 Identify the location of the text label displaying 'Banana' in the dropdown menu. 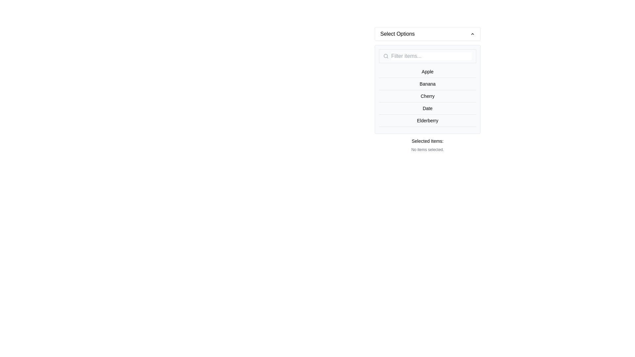
(427, 84).